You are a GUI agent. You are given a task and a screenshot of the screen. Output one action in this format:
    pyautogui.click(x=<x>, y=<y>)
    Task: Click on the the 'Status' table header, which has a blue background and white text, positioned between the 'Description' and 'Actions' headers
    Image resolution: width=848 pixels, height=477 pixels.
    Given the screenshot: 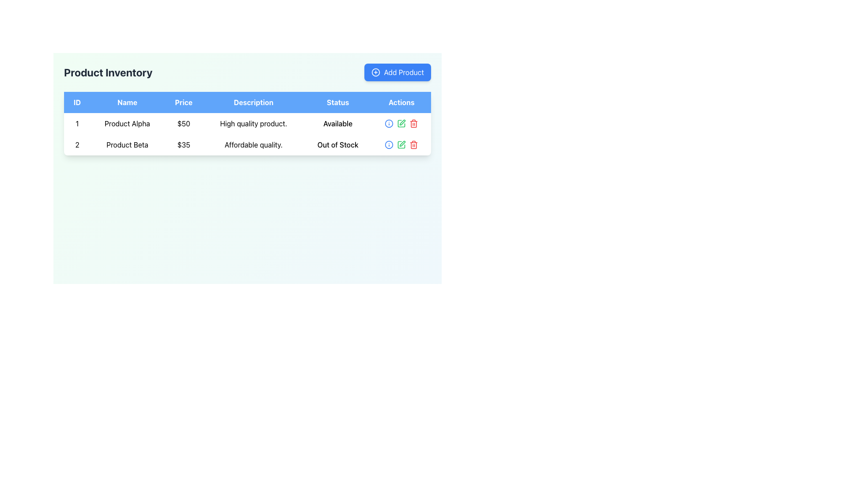 What is the action you would take?
    pyautogui.click(x=337, y=102)
    